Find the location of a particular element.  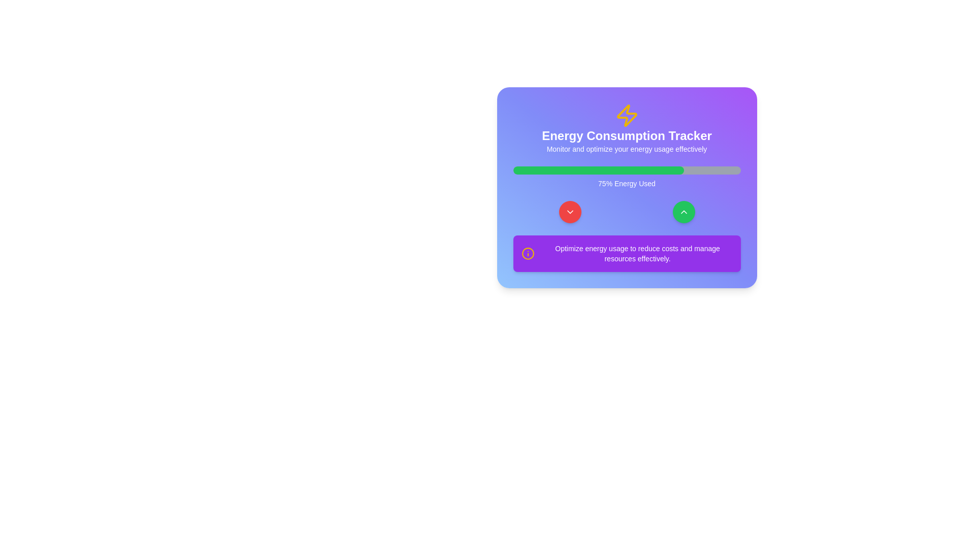

the power icon in the top-middle section of the 'Energy Consumption Tracker' card is located at coordinates (626, 115).